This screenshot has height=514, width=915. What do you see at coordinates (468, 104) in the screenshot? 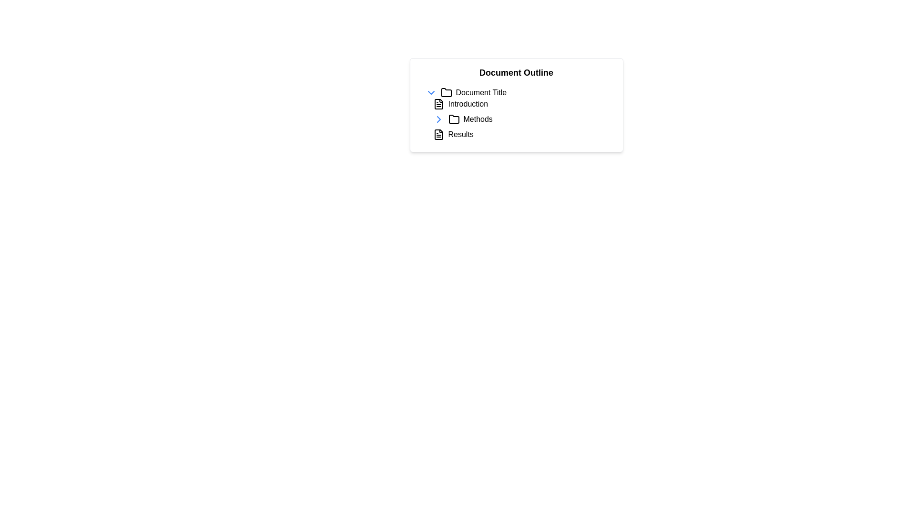
I see `the 'Introduction' text label in bold black text located in the document outline sidebar, which is the second item under the 'Document Title' section` at bounding box center [468, 104].